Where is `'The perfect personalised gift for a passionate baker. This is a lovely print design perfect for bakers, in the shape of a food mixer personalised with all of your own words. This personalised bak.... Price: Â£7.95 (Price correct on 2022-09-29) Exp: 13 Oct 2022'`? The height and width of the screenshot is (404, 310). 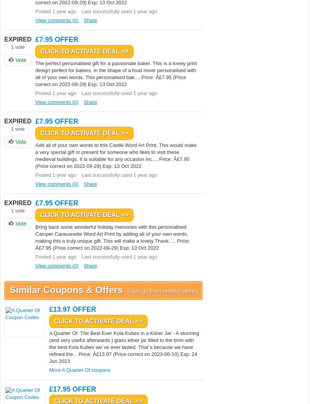 'The perfect personalised gift for a passionate baker. This is a lovely print design perfect for bakers, in the shape of a food mixer personalised with all of your own words. This personalised bak.... Price: Â£7.95 (Price correct on 2022-09-29) Exp: 13 Oct 2022' is located at coordinates (116, 73).